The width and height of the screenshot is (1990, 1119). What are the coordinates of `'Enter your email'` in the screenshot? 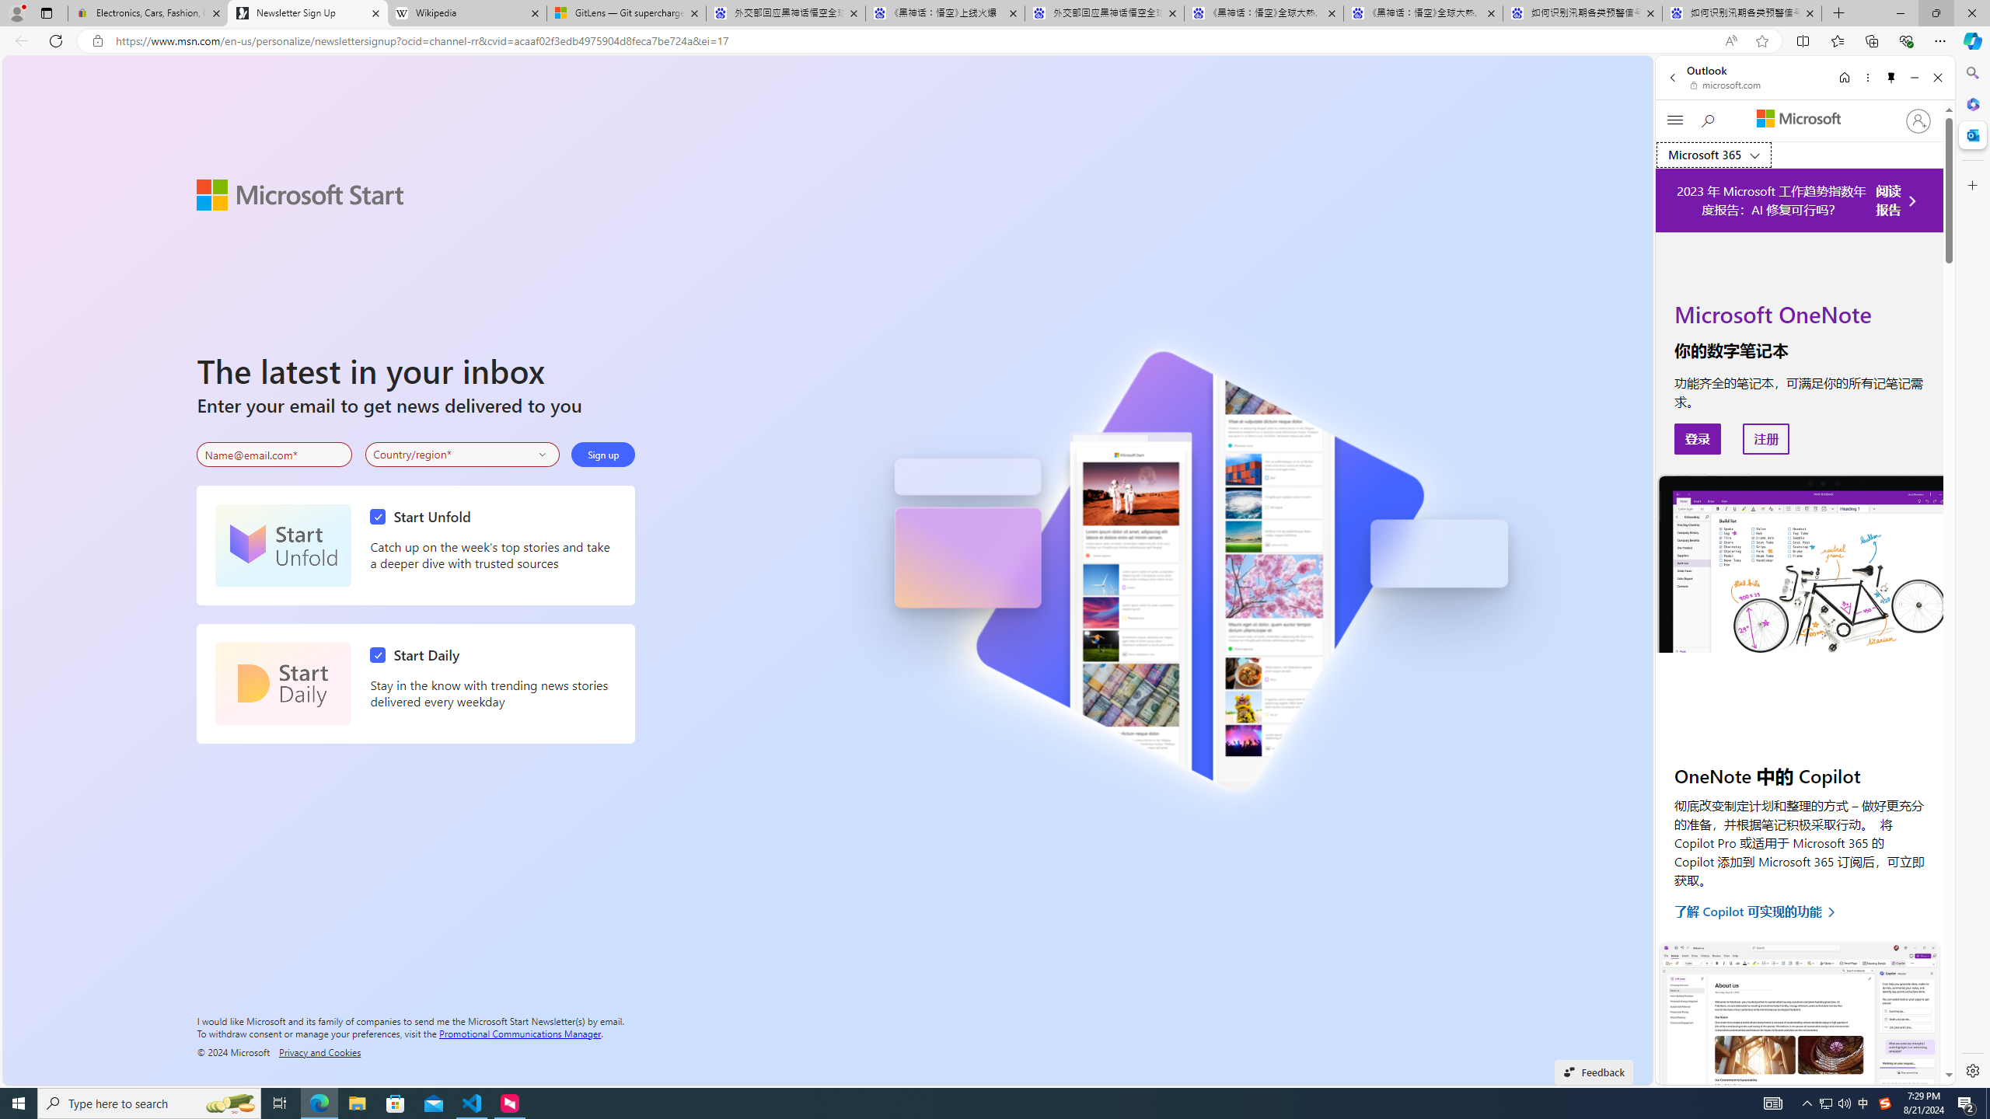 It's located at (274, 455).